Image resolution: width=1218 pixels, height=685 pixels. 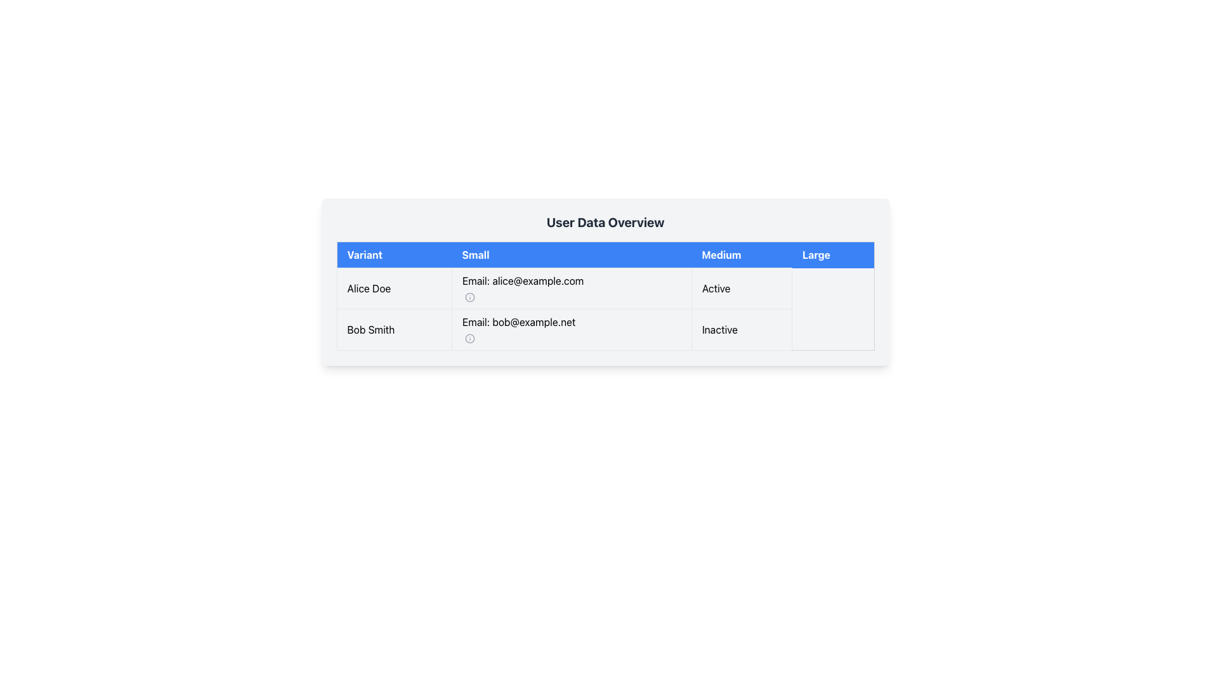 What do you see at coordinates (605, 296) in the screenshot?
I see `rows in the table component labeled 'Variant', 'Small', 'Medium', and 'Large' for actions like copying data` at bounding box center [605, 296].